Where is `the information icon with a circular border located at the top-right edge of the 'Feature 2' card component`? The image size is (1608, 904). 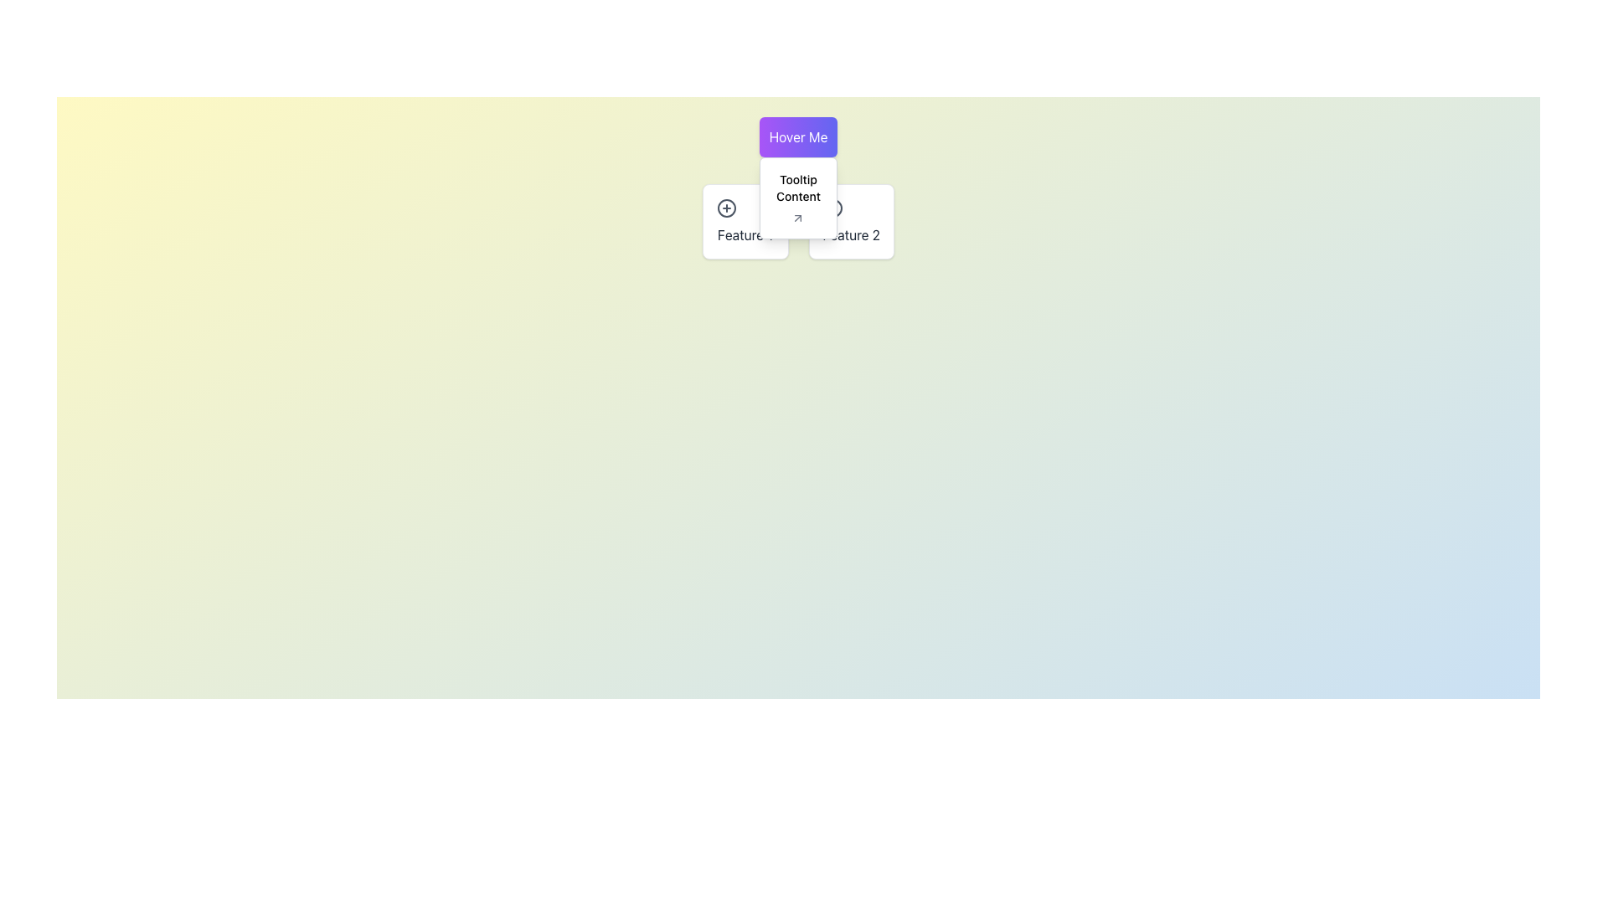 the information icon with a circular border located at the top-right edge of the 'Feature 2' card component is located at coordinates (832, 208).